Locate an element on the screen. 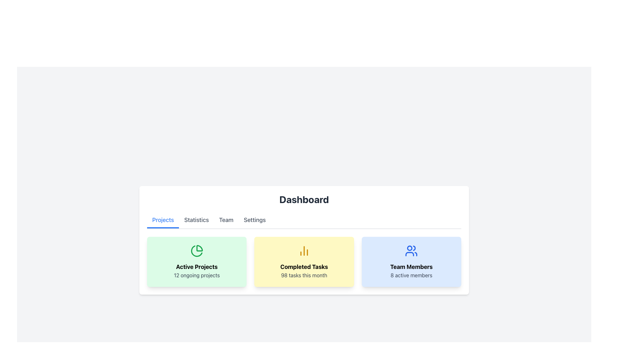 This screenshot has width=618, height=347. the Illustrative Icon representing completed tasks, which is located in the 'Completed Tasks' card, positioned above the text 'Completed Tasks' and '98 tasks this month.' is located at coordinates (304, 250).